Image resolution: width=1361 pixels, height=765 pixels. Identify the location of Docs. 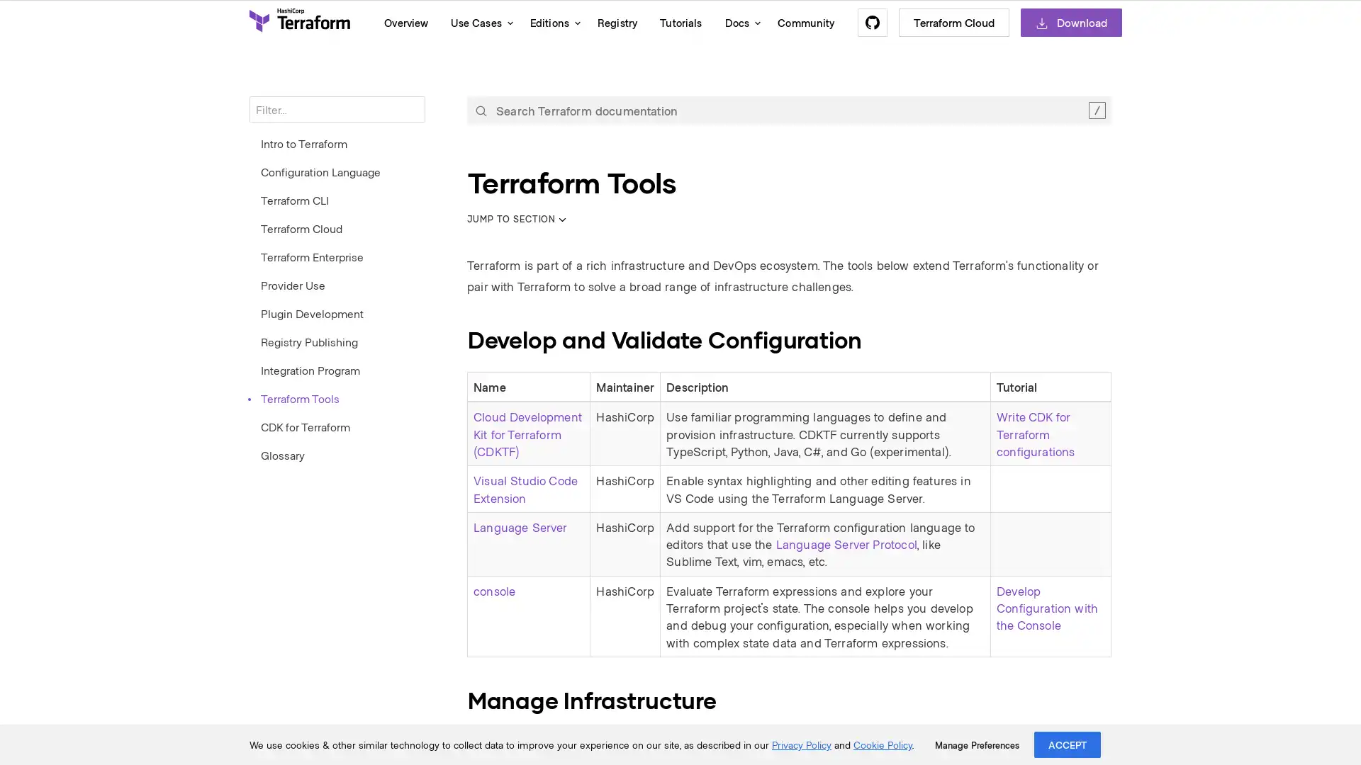
(739, 22).